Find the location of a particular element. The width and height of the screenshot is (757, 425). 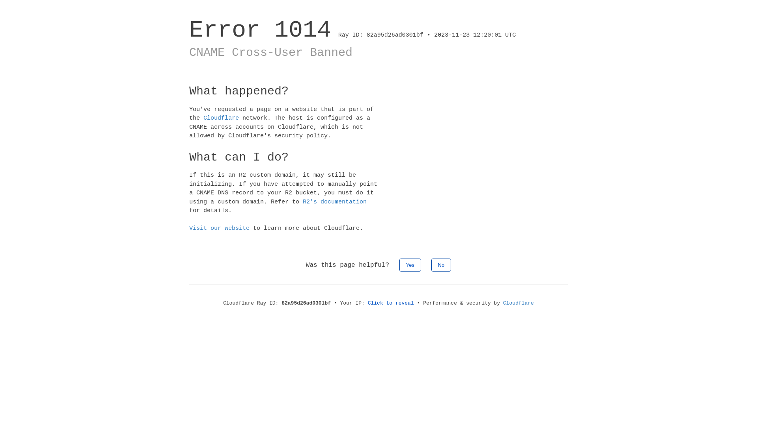

'R2's documentation' is located at coordinates (335, 201).